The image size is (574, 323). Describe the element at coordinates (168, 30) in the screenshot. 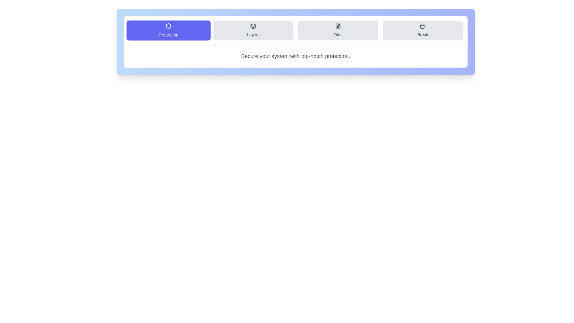

I see `the tab labeled Protection to switch to it` at that location.